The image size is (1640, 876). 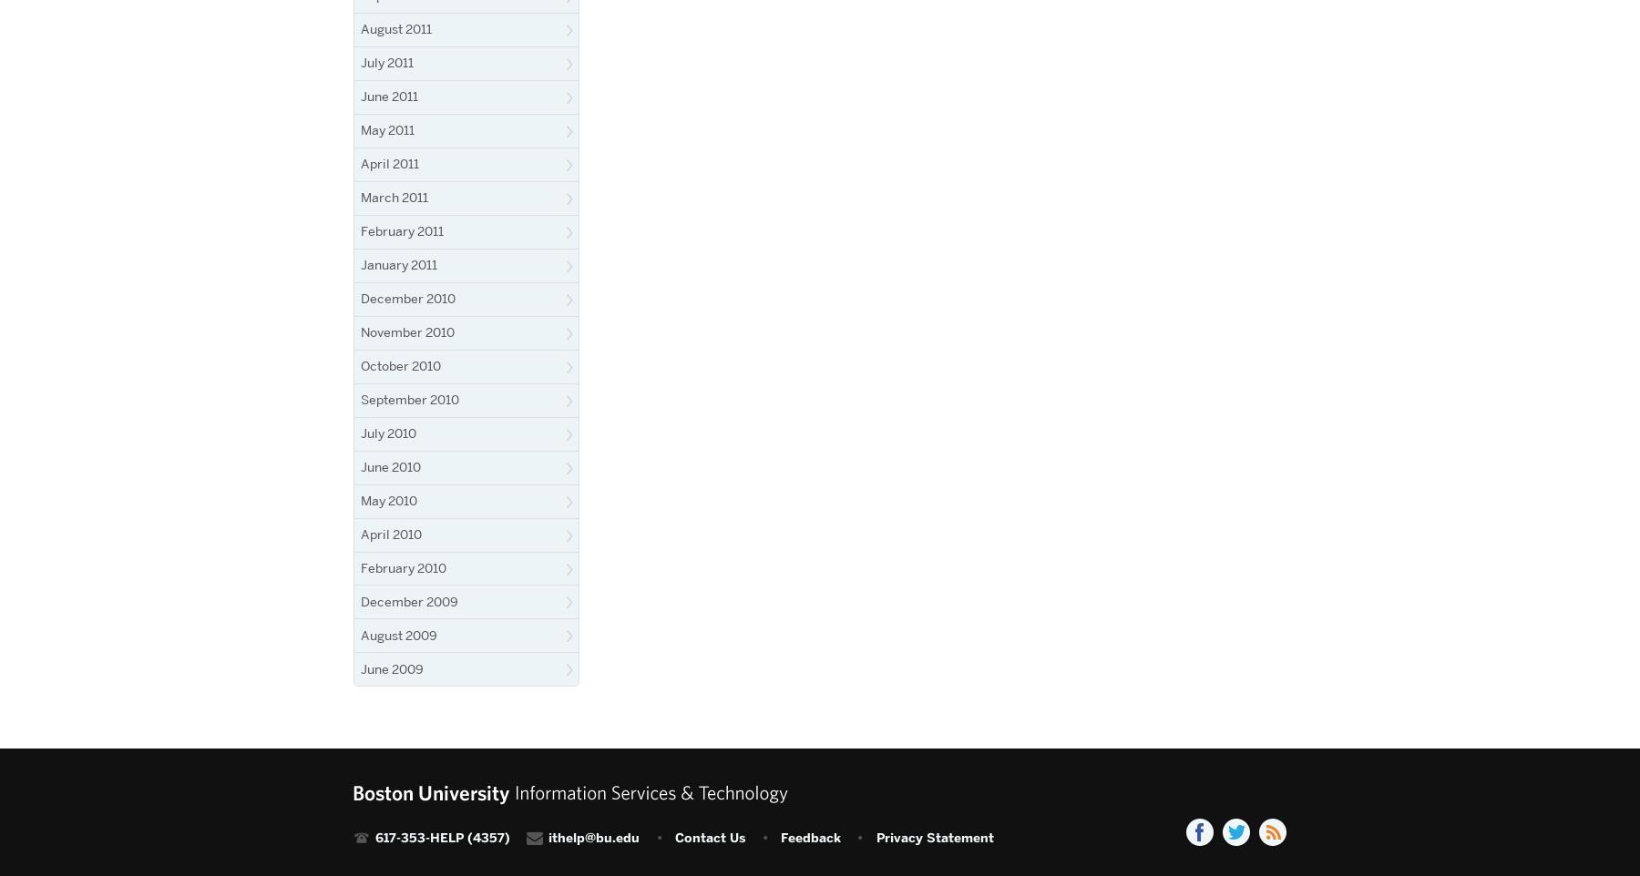 What do you see at coordinates (395, 197) in the screenshot?
I see `'March 2011'` at bounding box center [395, 197].